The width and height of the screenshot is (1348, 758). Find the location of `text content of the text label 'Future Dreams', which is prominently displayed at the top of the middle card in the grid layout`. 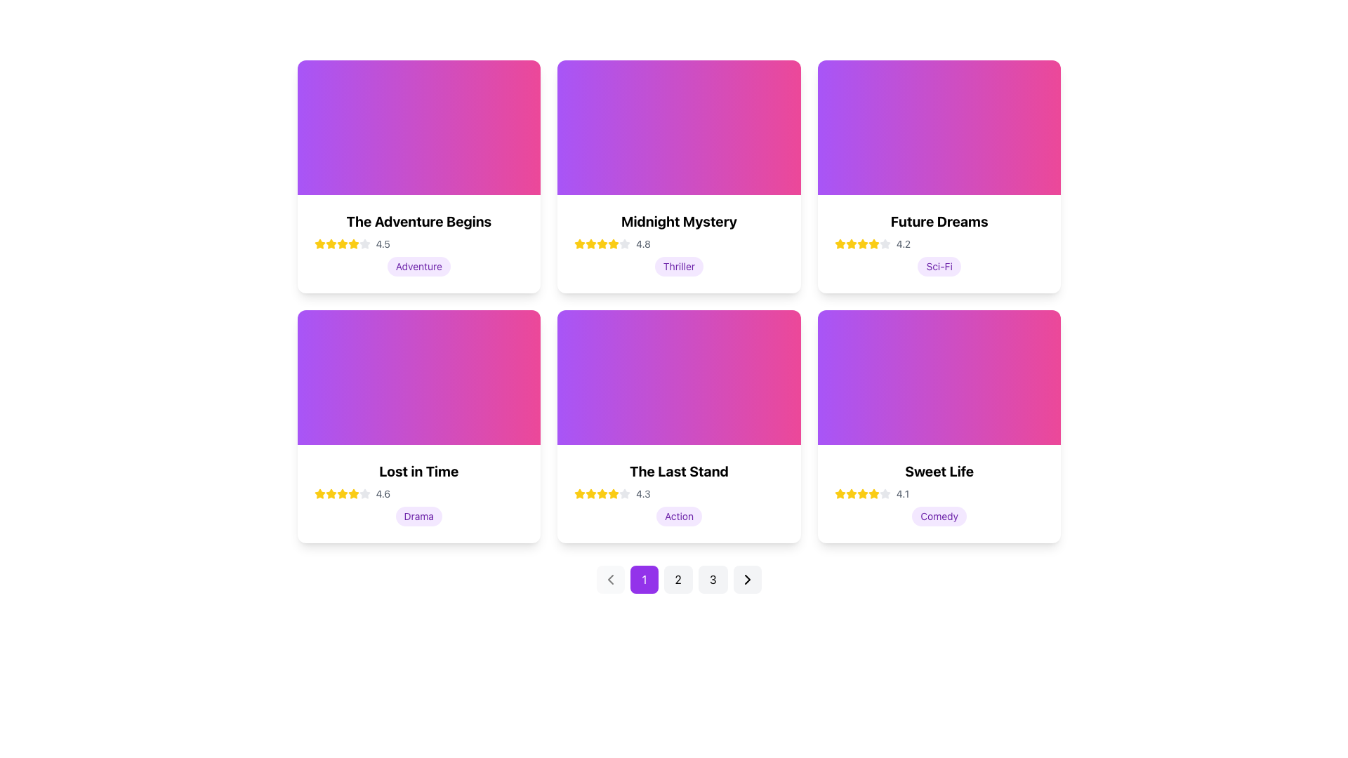

text content of the text label 'Future Dreams', which is prominently displayed at the top of the middle card in the grid layout is located at coordinates (939, 221).